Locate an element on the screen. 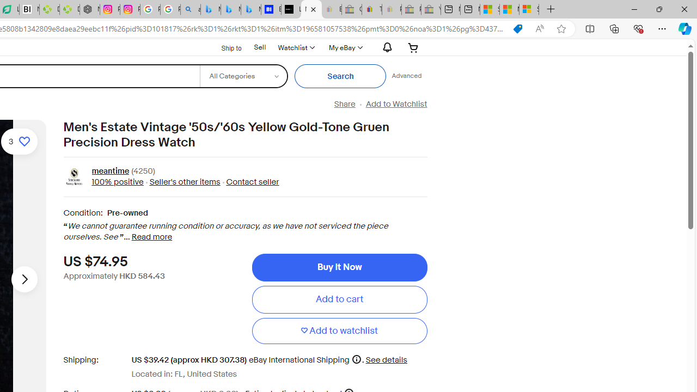 This screenshot has width=697, height=392. 'Sell' is located at coordinates (259, 47).